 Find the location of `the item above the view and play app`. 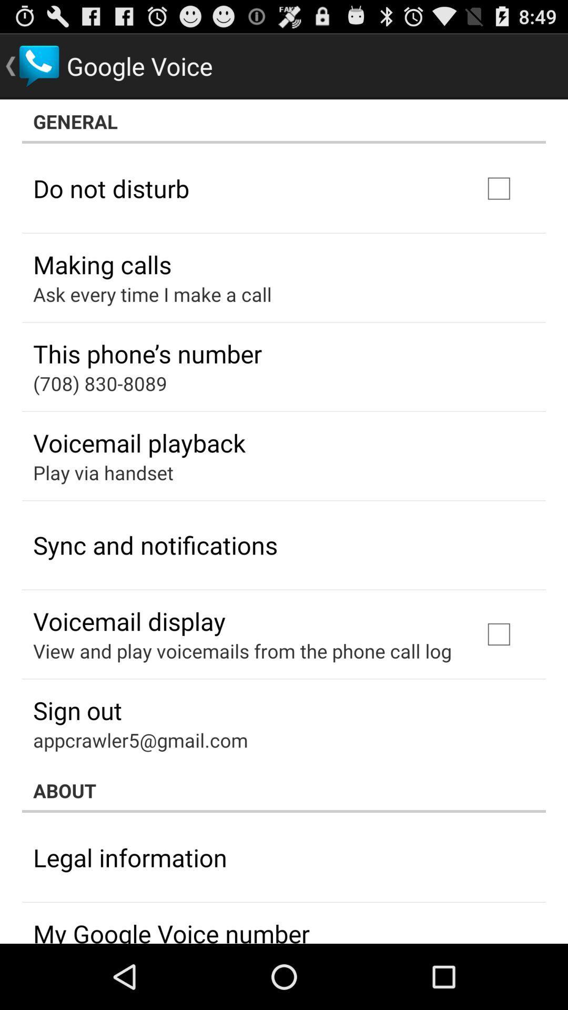

the item above the view and play app is located at coordinates (129, 621).